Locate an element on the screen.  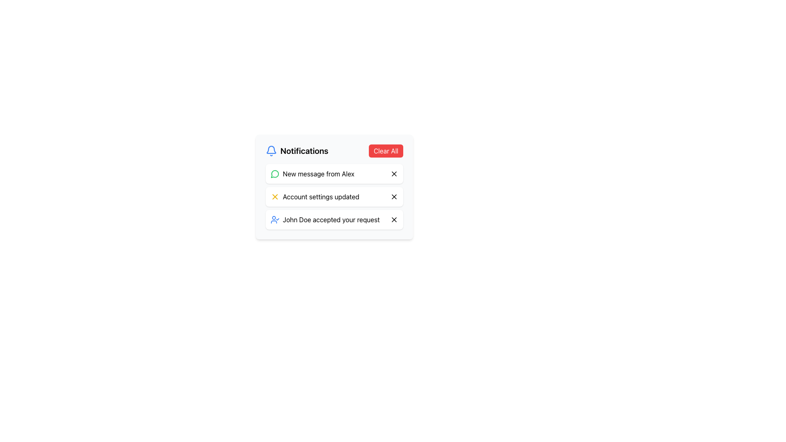
notification status message that informs the user about the update of account settings, which is the second item in the notification dropdown, located between 'New message from Alex' and 'John Doe accepted your request' is located at coordinates (314, 197).